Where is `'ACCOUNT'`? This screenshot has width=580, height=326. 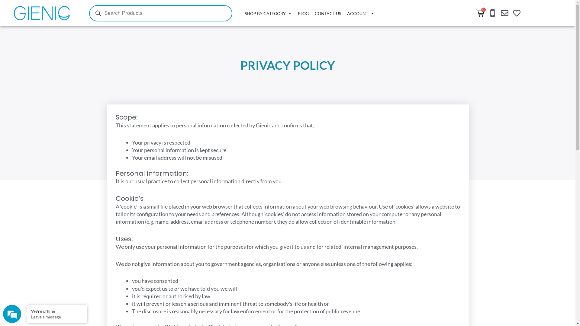
'ACCOUNT' is located at coordinates (344, 14).